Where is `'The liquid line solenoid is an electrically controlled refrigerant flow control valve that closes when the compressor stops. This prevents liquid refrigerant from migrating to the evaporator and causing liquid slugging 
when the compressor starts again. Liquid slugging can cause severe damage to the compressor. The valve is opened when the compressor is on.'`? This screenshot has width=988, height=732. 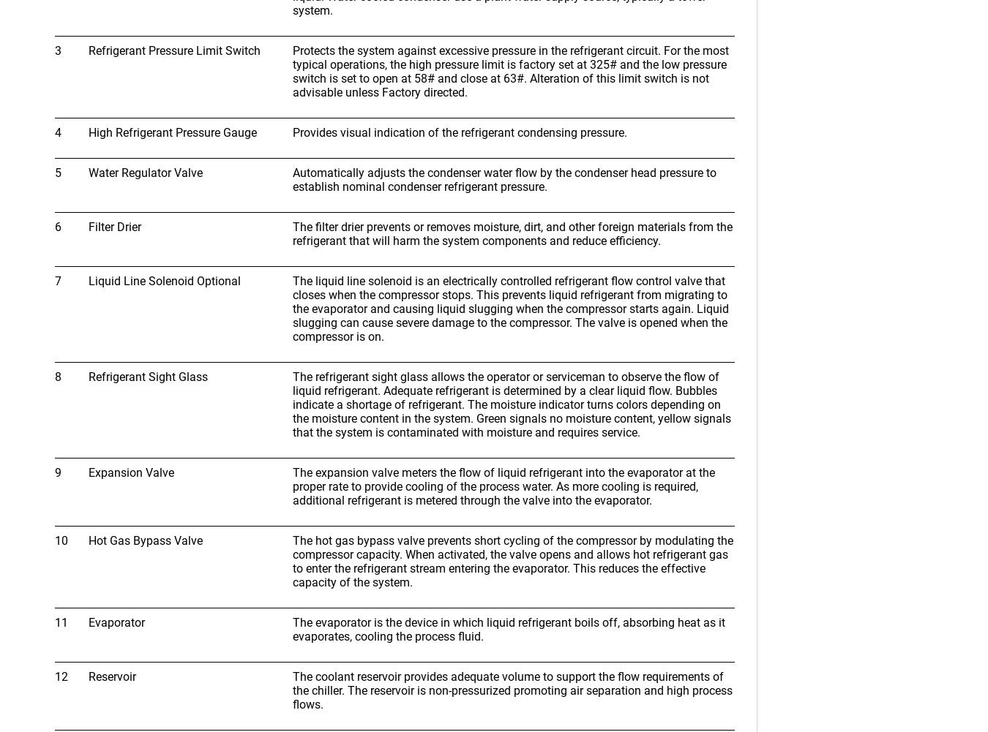 'The liquid line solenoid is an electrically controlled refrigerant flow control valve that closes when the compressor stops. This prevents liquid refrigerant from migrating to the evaporator and causing liquid slugging 
when the compressor starts again. Liquid slugging can cause severe damage to the compressor. The valve is opened when the compressor is on.' is located at coordinates (509, 308).